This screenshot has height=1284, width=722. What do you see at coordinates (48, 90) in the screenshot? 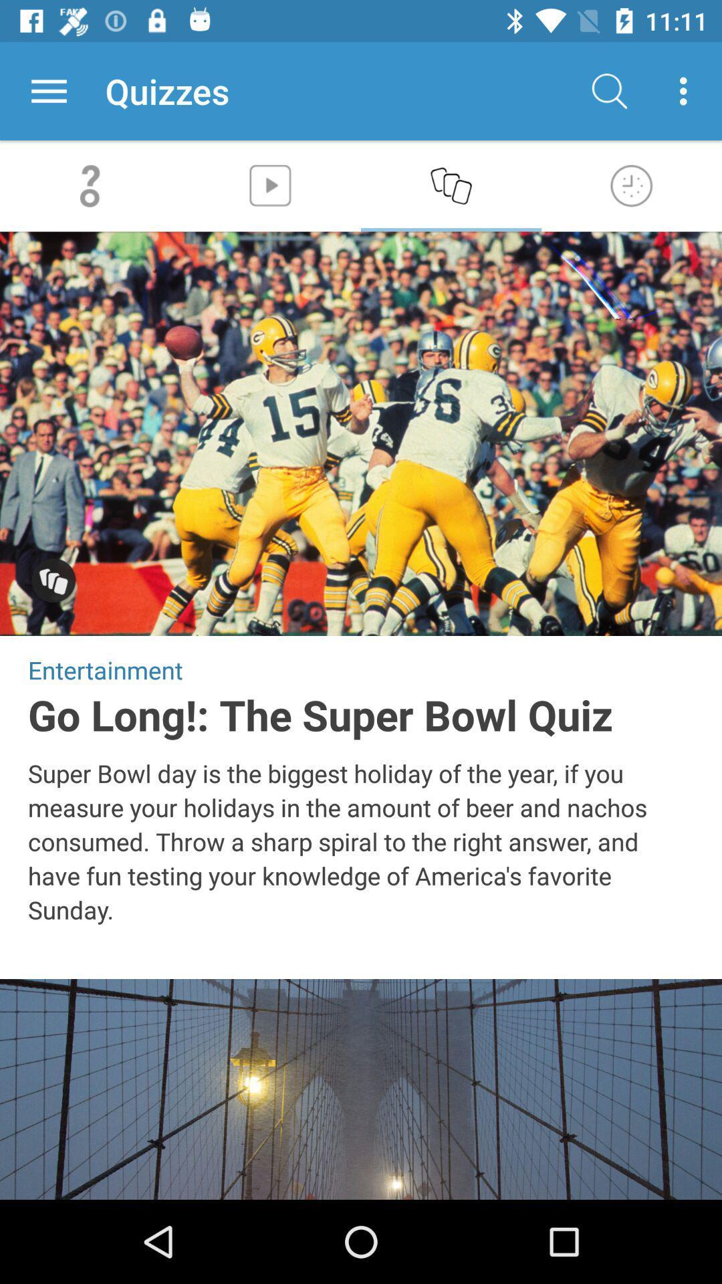
I see `to choose the files` at bounding box center [48, 90].